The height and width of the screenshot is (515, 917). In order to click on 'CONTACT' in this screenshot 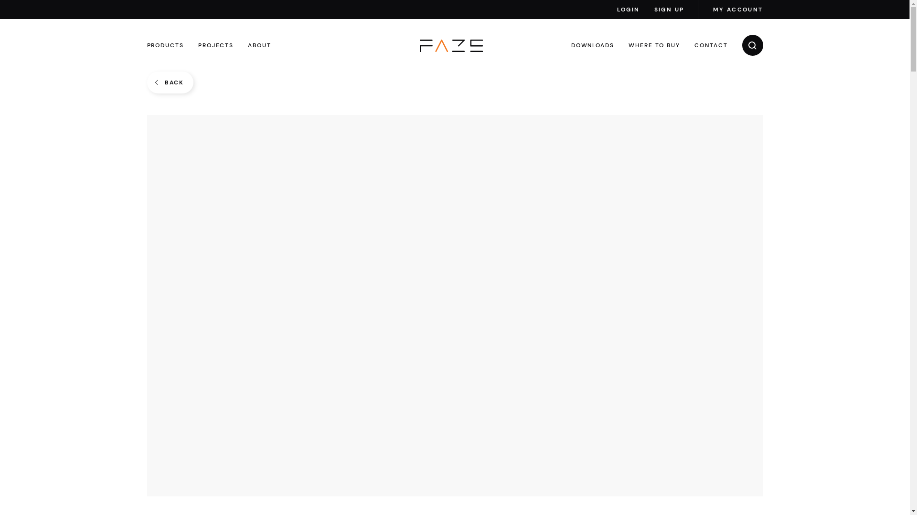, I will do `click(711, 45)`.